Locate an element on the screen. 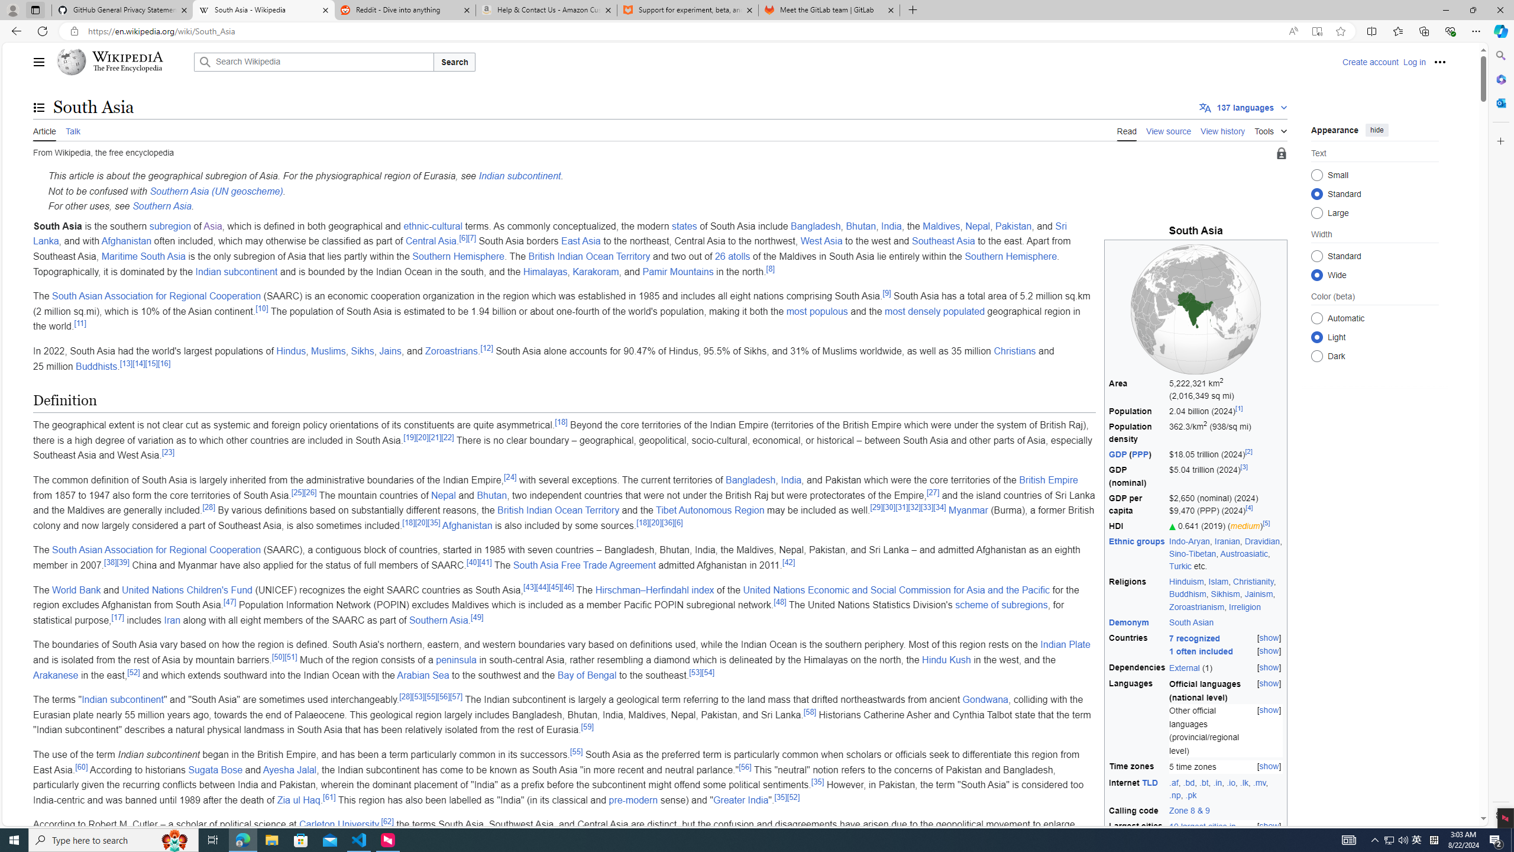 This screenshot has width=1514, height=852. '[8]' is located at coordinates (771, 268).